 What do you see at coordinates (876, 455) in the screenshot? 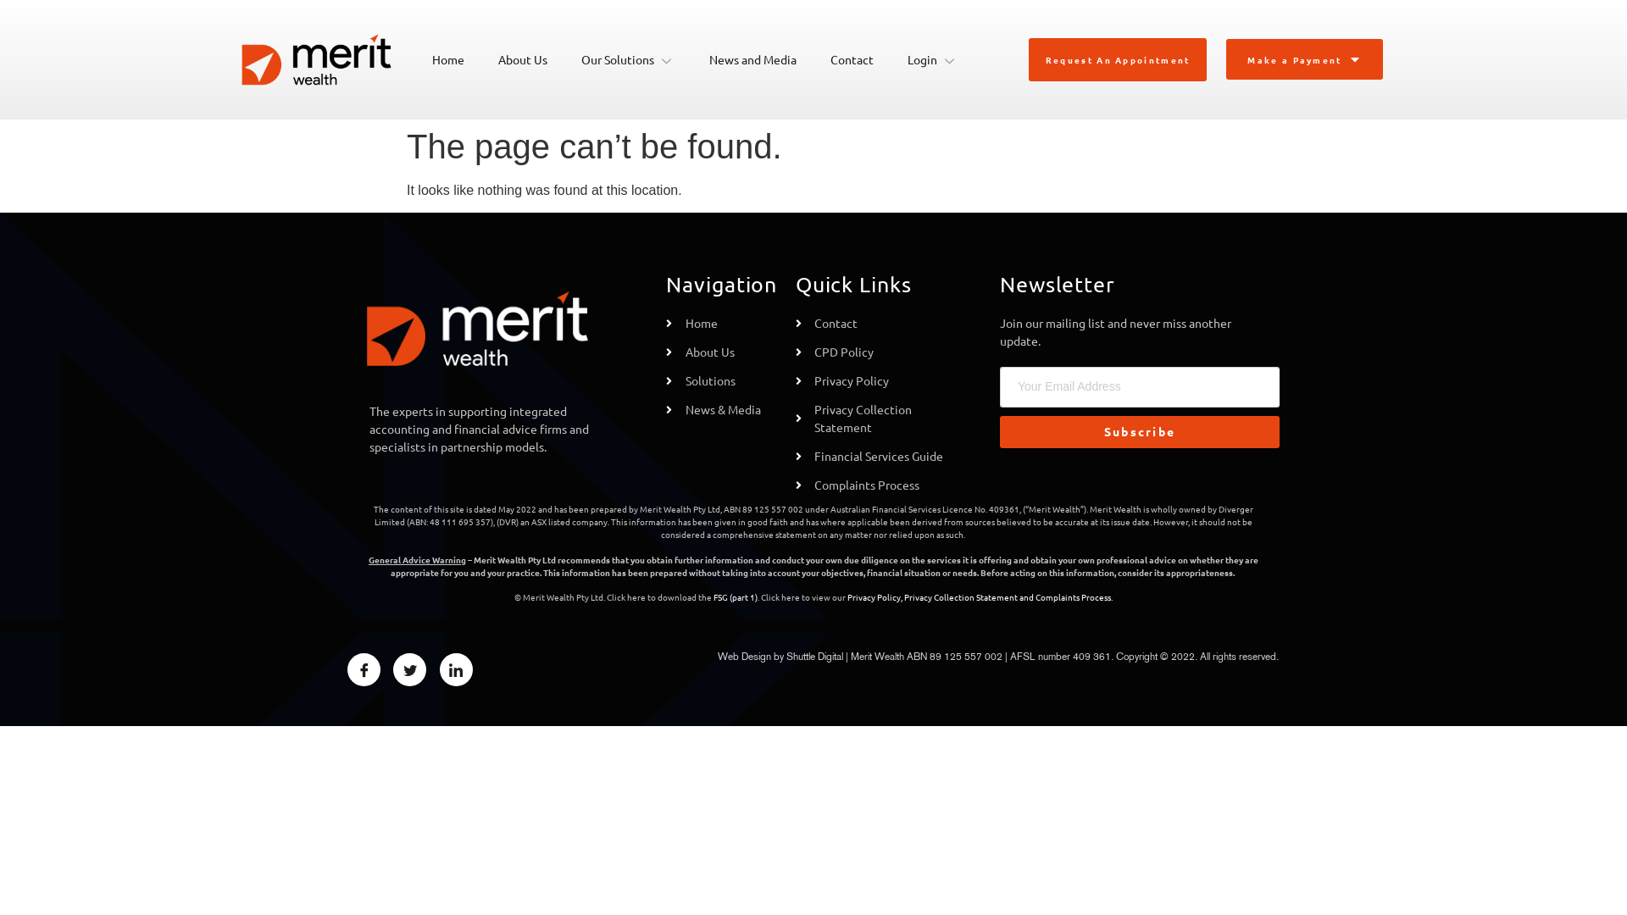
I see `'Financial Services Guide'` at bounding box center [876, 455].